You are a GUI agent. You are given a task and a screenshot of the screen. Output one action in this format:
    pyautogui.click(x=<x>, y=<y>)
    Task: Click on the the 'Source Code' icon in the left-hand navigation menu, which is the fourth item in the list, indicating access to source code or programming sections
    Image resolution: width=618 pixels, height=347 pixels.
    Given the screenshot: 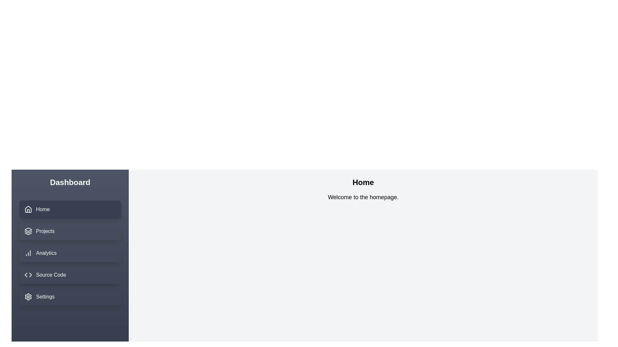 What is the action you would take?
    pyautogui.click(x=28, y=275)
    